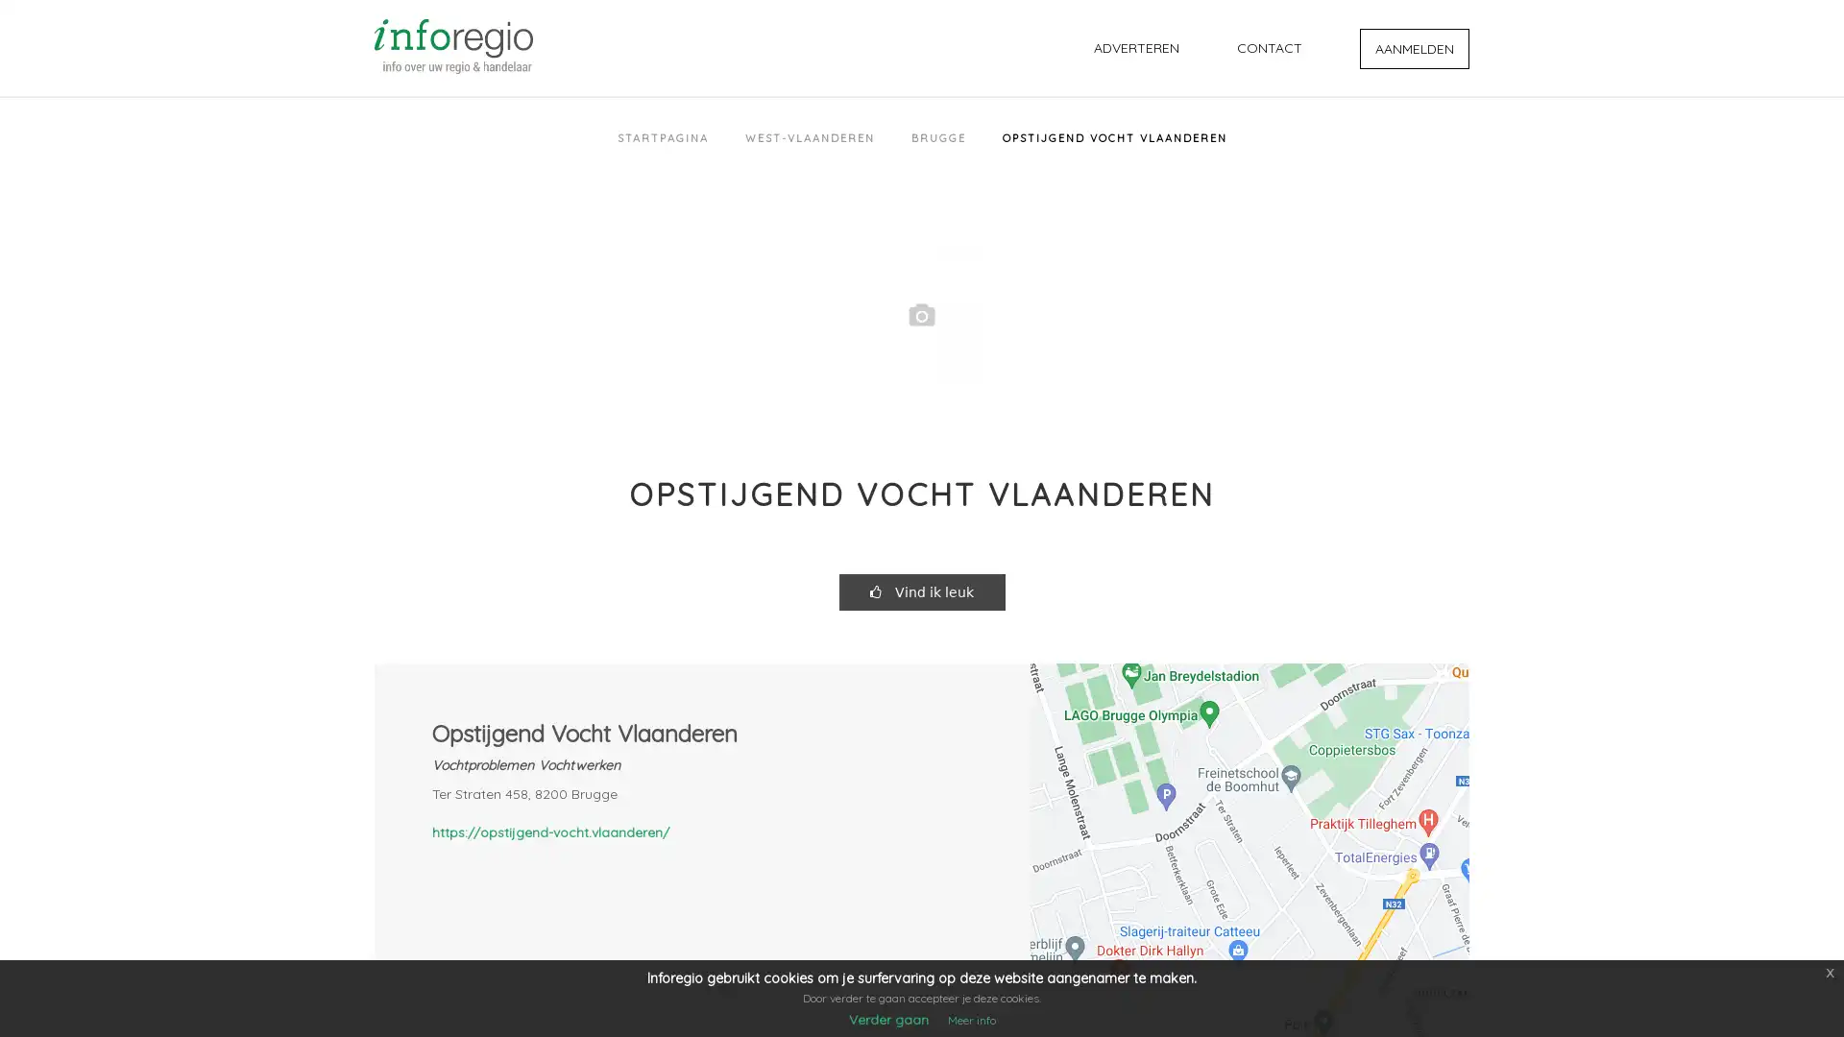 The width and height of the screenshot is (1844, 1037). I want to click on Opstijgend Vocht Vlaanderen, so click(1249, 829).